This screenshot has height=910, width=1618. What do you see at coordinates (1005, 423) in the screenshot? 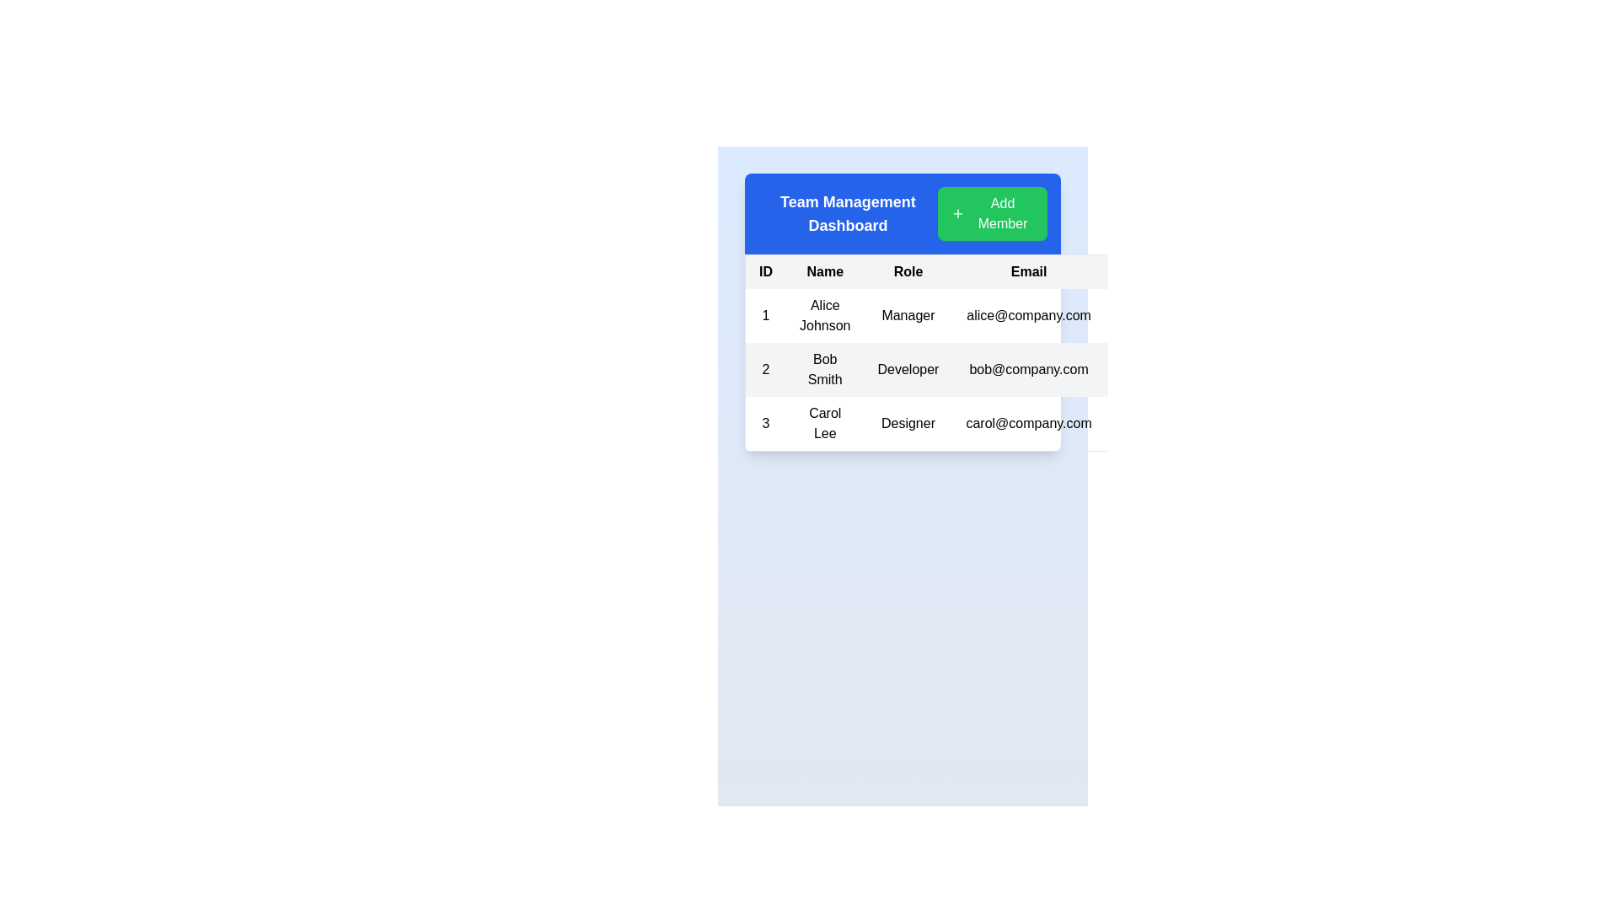
I see `the table row displaying data for 'Carol Lee', which includes their role as Designer, email as carol@company.com, and status 'On Leave' with yellow text color` at bounding box center [1005, 423].